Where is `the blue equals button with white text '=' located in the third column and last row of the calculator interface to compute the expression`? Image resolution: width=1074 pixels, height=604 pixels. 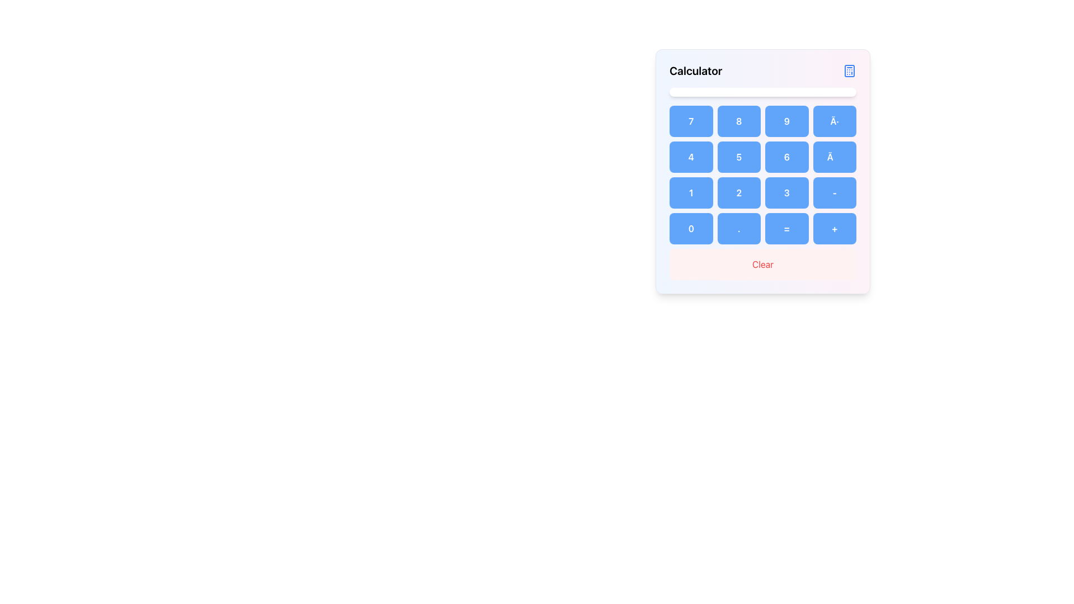 the blue equals button with white text '=' located in the third column and last row of the calculator interface to compute the expression is located at coordinates (786, 228).